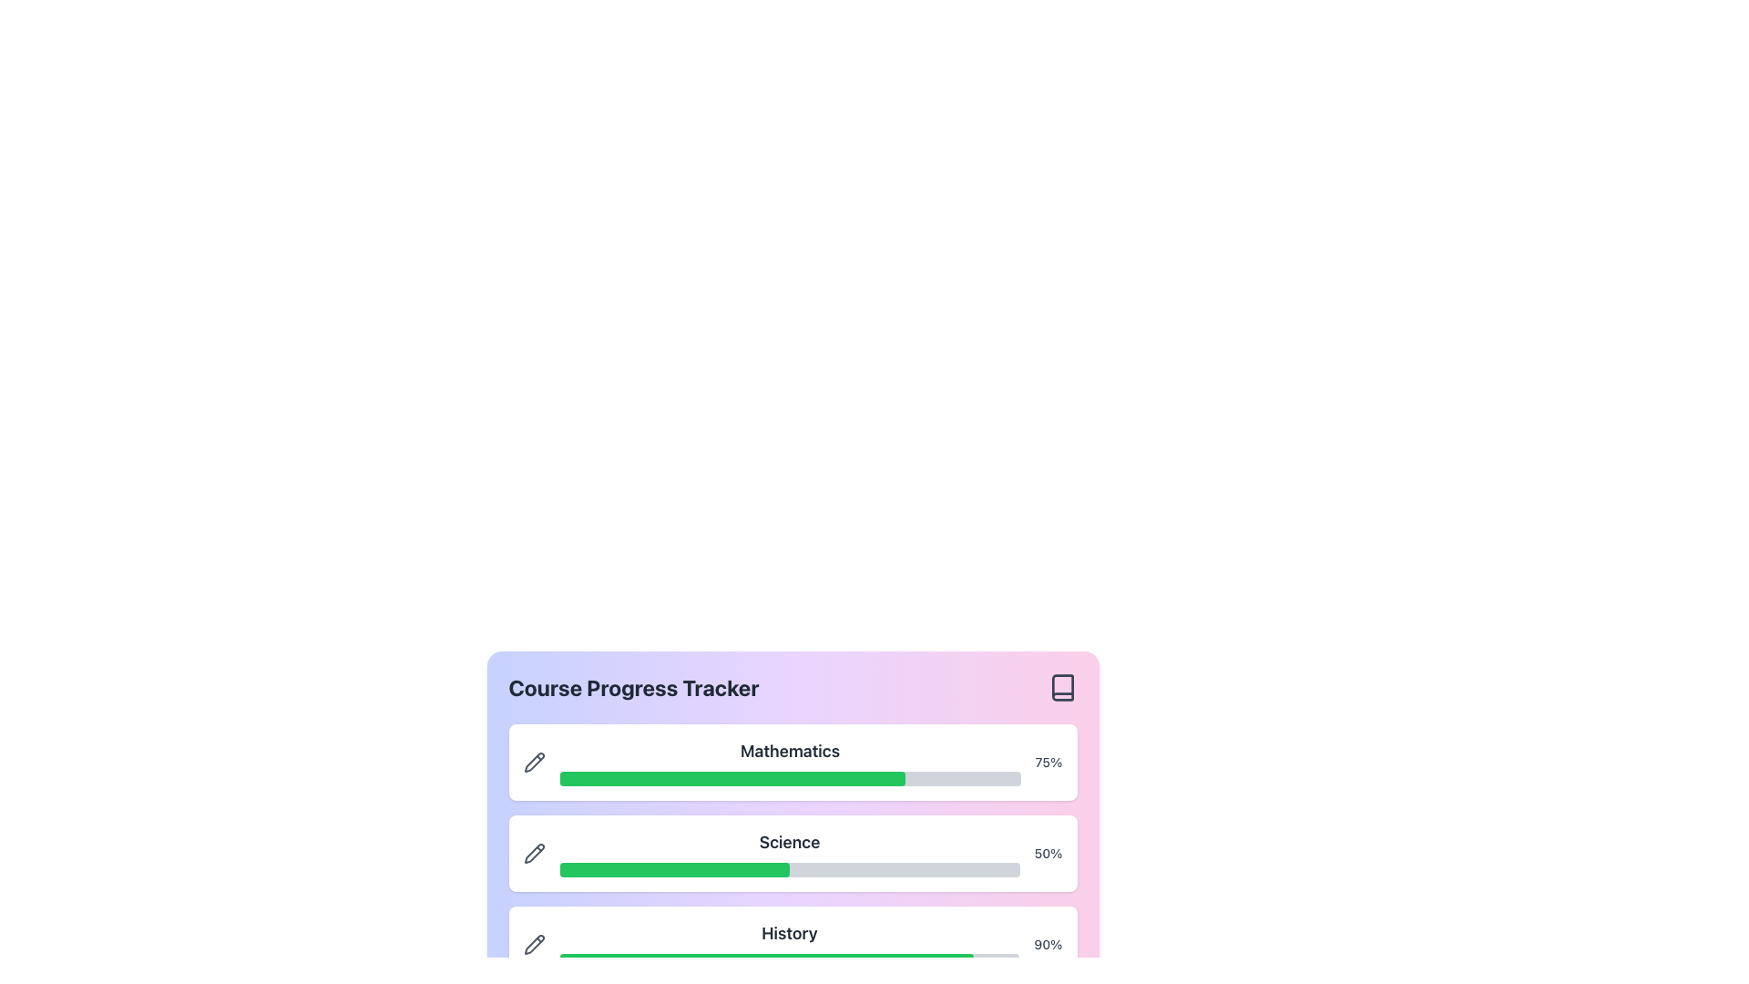  What do you see at coordinates (1048, 854) in the screenshot?
I see `the static text indicating the progress percentage for the 'Science' section, which is located above the progress bar and aligned with the text 'Science'` at bounding box center [1048, 854].